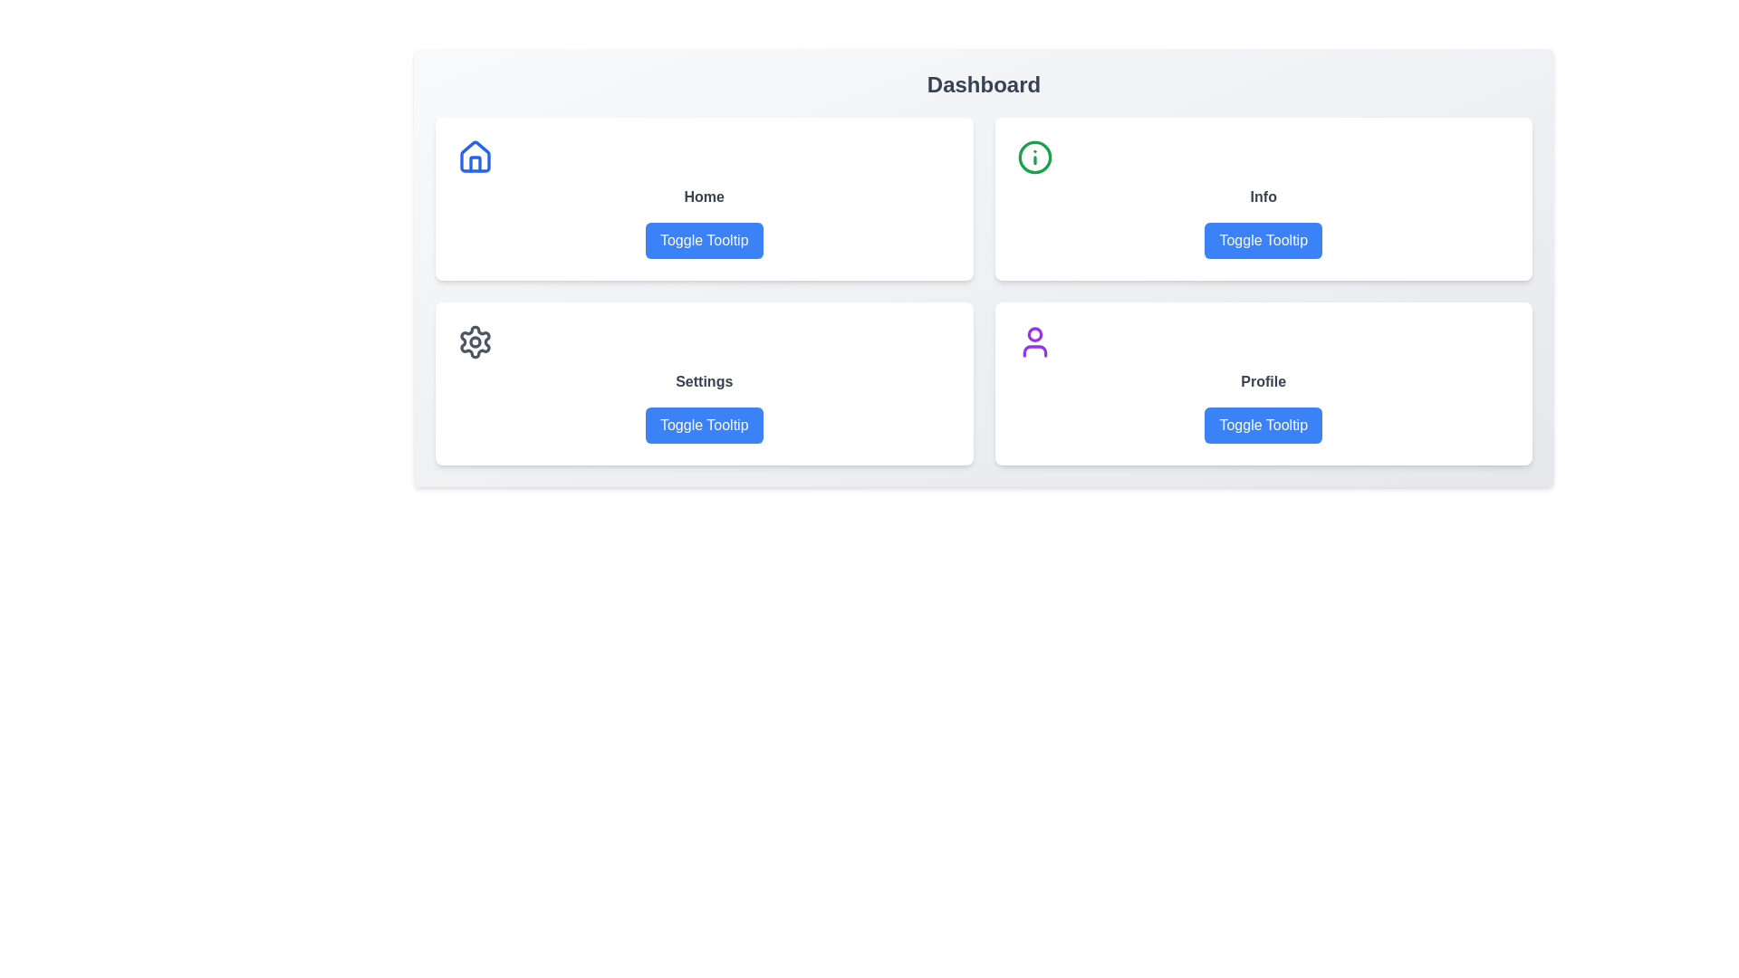 This screenshot has width=1739, height=978. I want to click on the card component in the top-left corner of the four-card grid layout, which contains a house icon, the label 'Home', and a blue button labeled 'Toggle Tooltip', so click(703, 198).